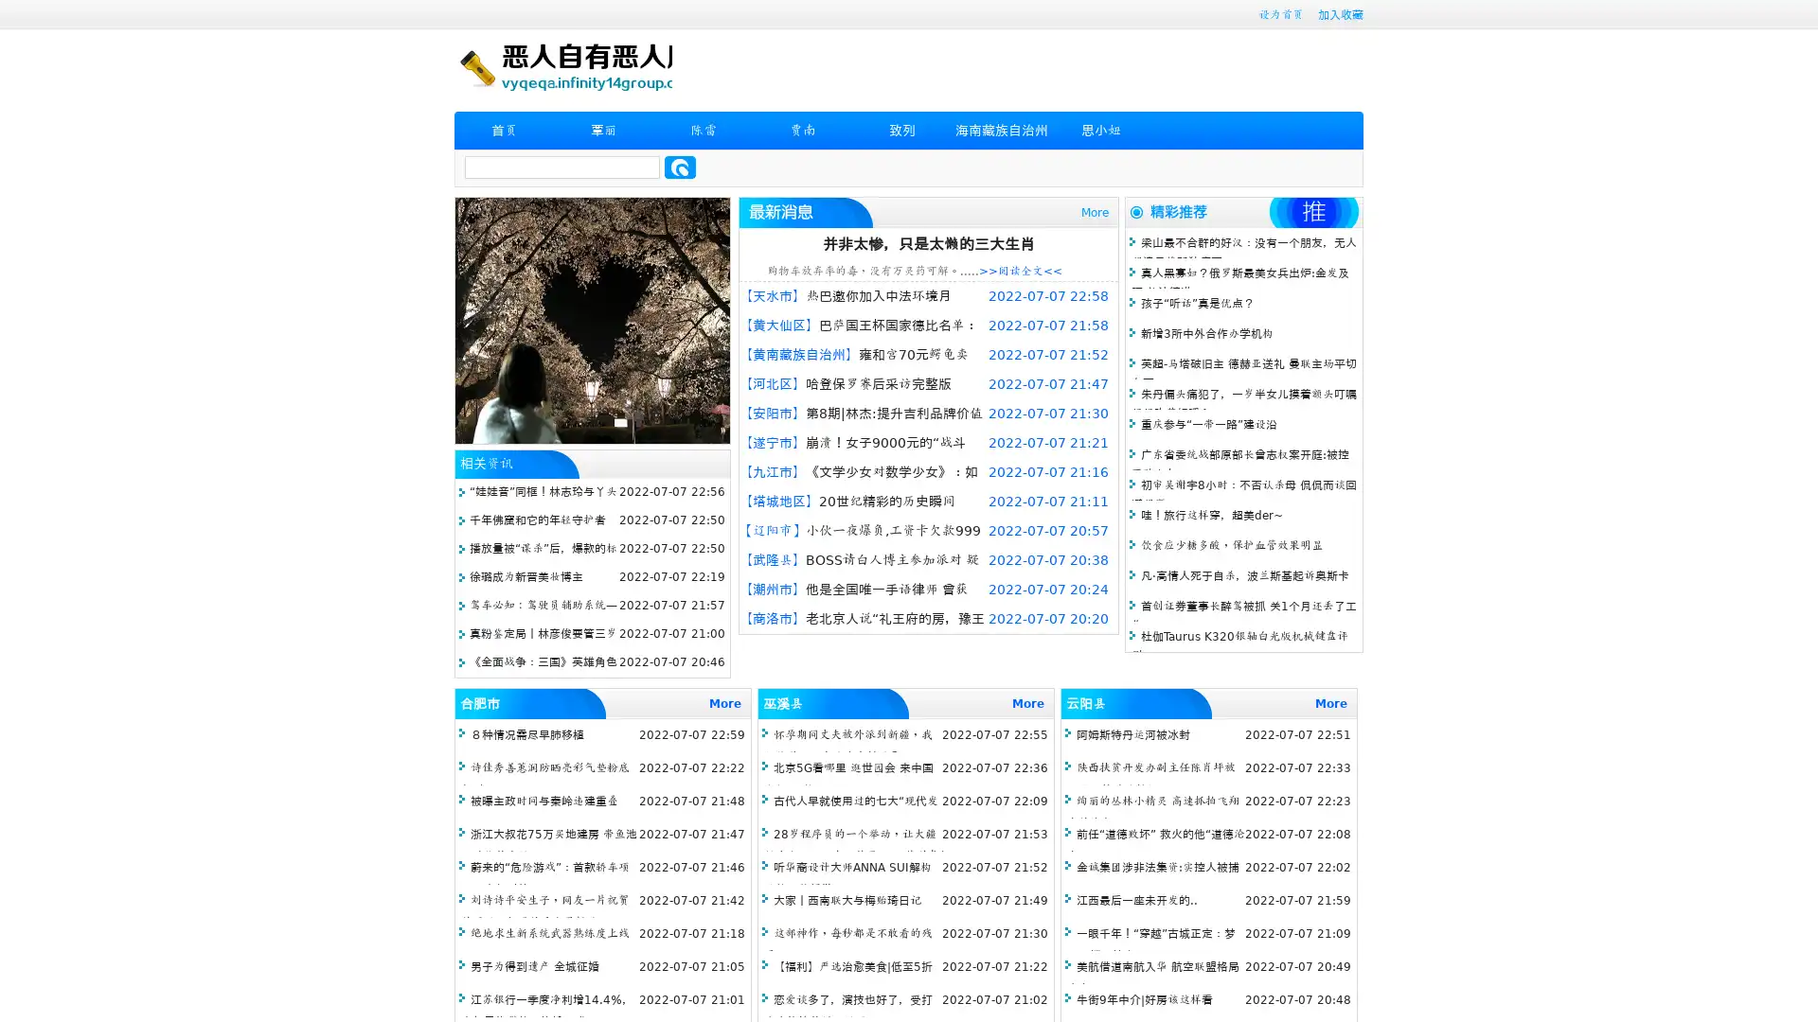 The width and height of the screenshot is (1818, 1022). Describe the element at coordinates (680, 167) in the screenshot. I see `Search` at that location.